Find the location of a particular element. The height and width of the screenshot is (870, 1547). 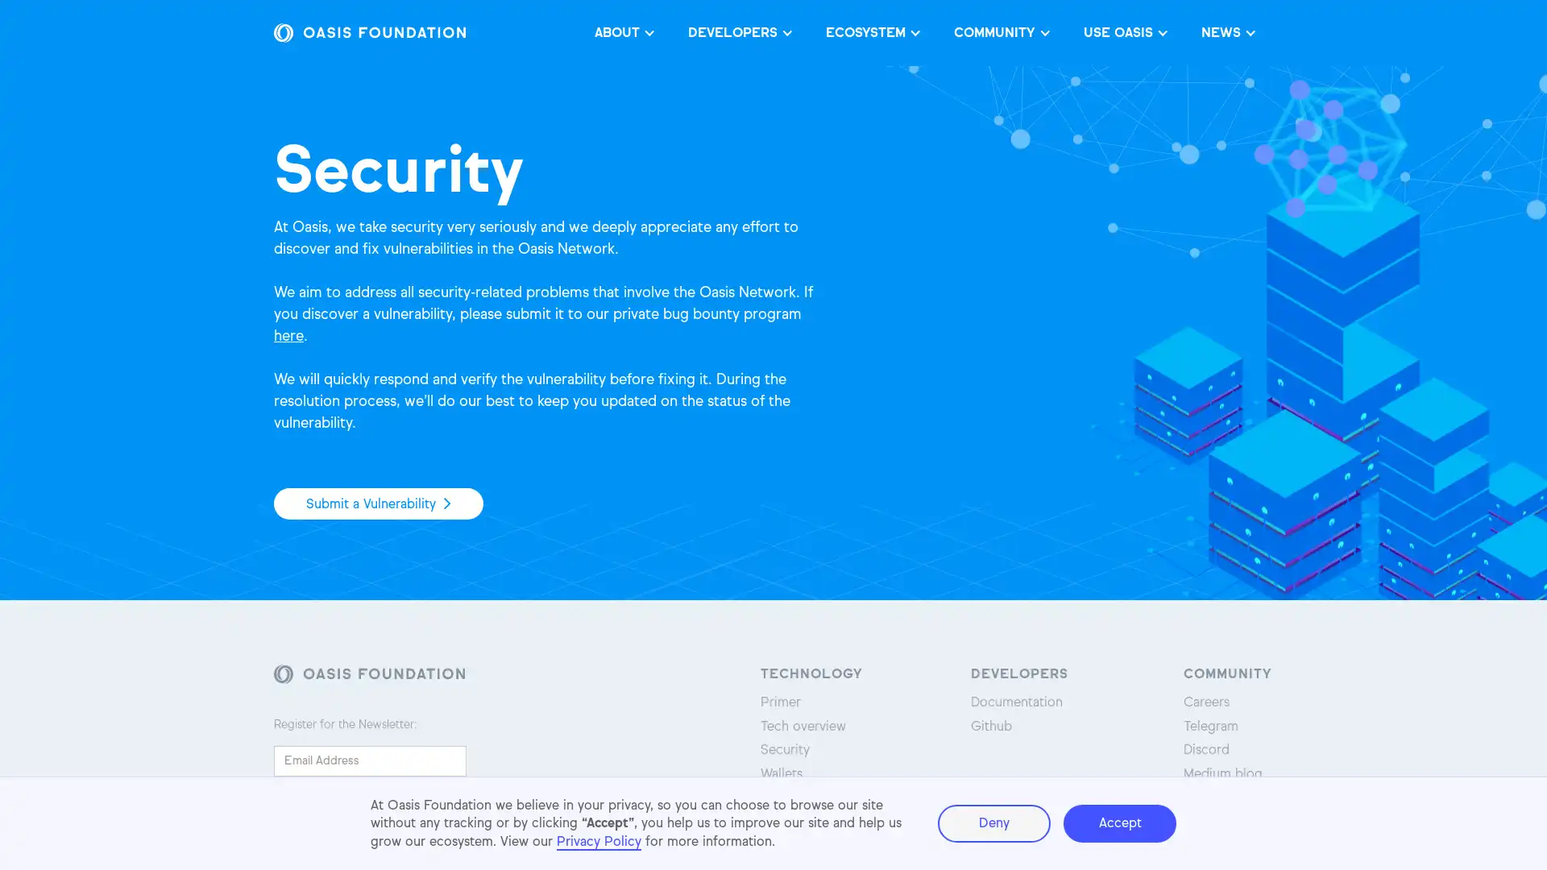

Submit is located at coordinates (319, 797).